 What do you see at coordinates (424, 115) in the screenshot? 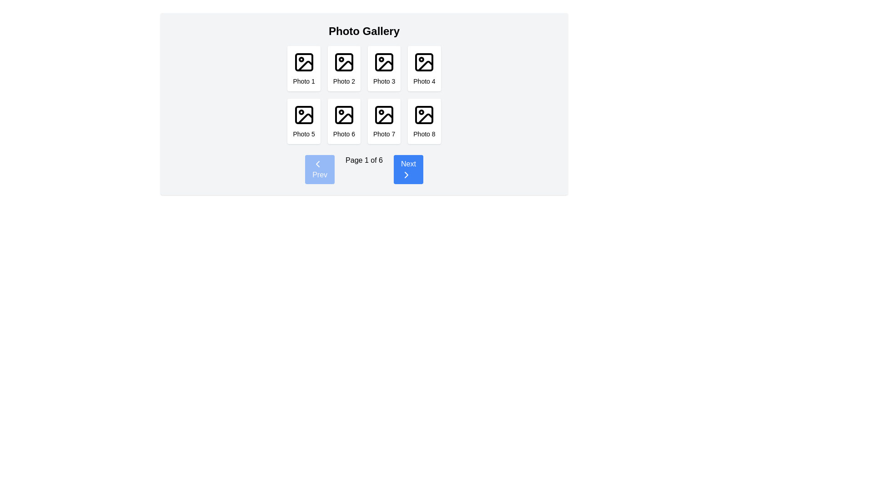
I see `the thumbnail icon for 'Photo 8'` at bounding box center [424, 115].